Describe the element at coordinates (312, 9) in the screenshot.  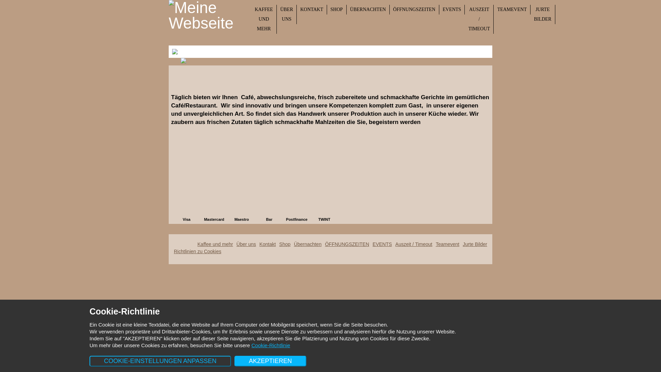
I see `'KONTAKT'` at that location.